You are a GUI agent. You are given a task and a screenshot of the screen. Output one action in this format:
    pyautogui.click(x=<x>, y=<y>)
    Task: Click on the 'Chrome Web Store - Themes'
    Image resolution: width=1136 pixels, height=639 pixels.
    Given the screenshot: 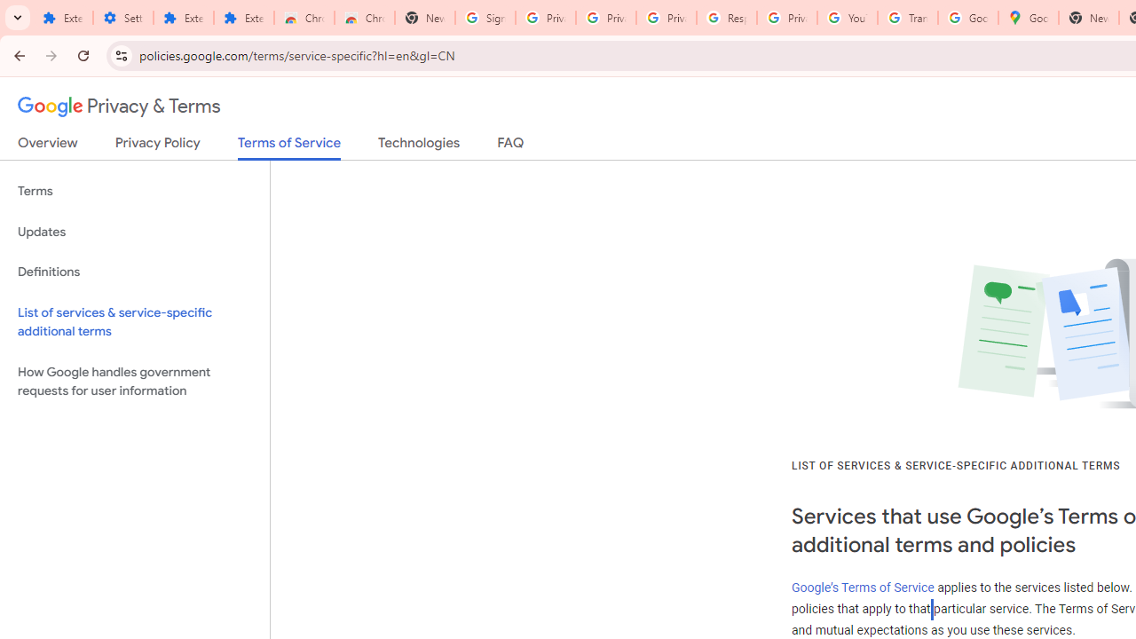 What is the action you would take?
    pyautogui.click(x=364, y=18)
    